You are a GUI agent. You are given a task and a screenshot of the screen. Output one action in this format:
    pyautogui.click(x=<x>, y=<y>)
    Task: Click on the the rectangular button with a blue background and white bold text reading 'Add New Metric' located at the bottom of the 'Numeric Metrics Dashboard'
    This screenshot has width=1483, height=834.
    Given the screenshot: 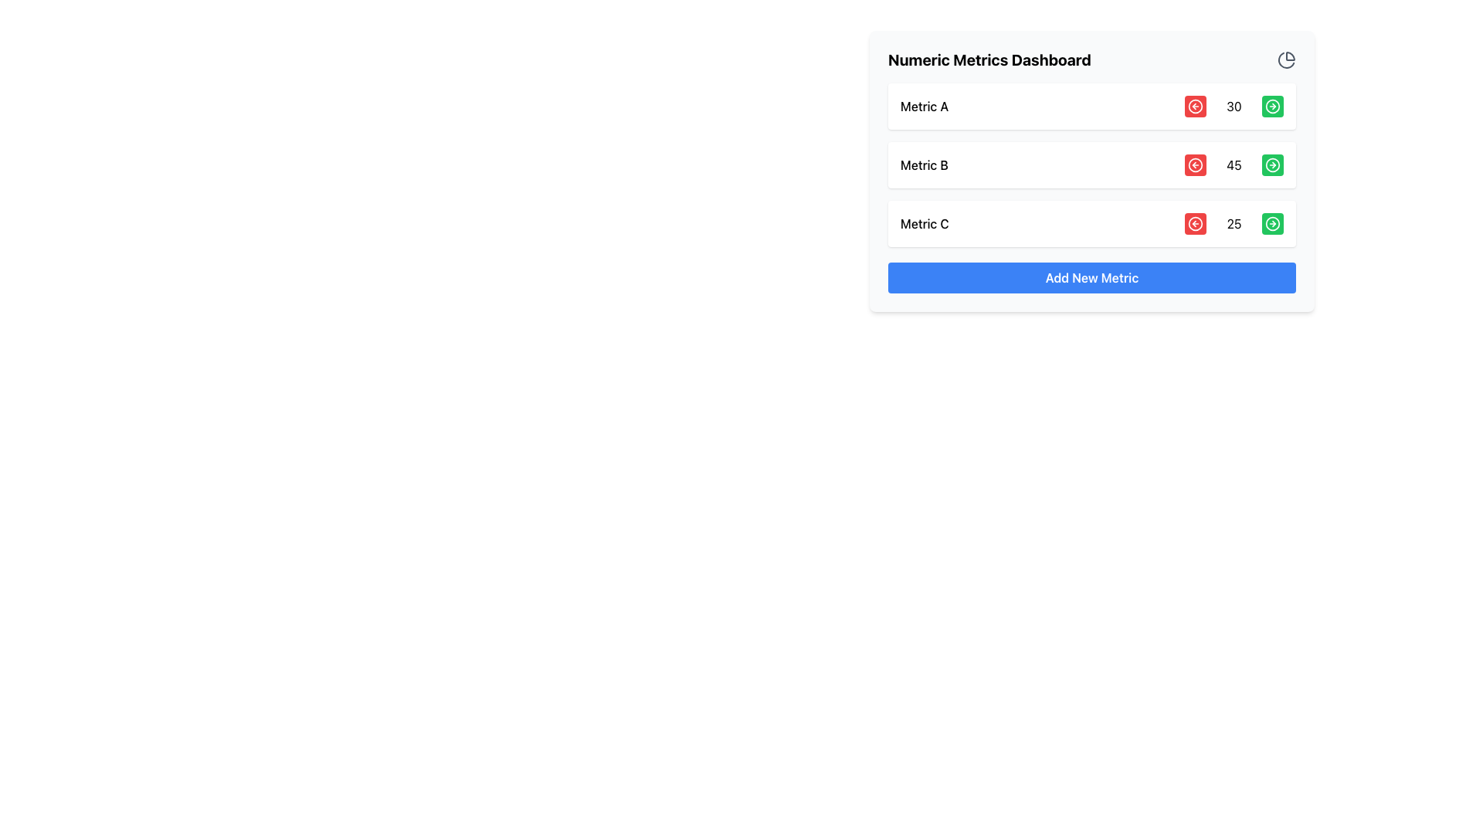 What is the action you would take?
    pyautogui.click(x=1091, y=276)
    